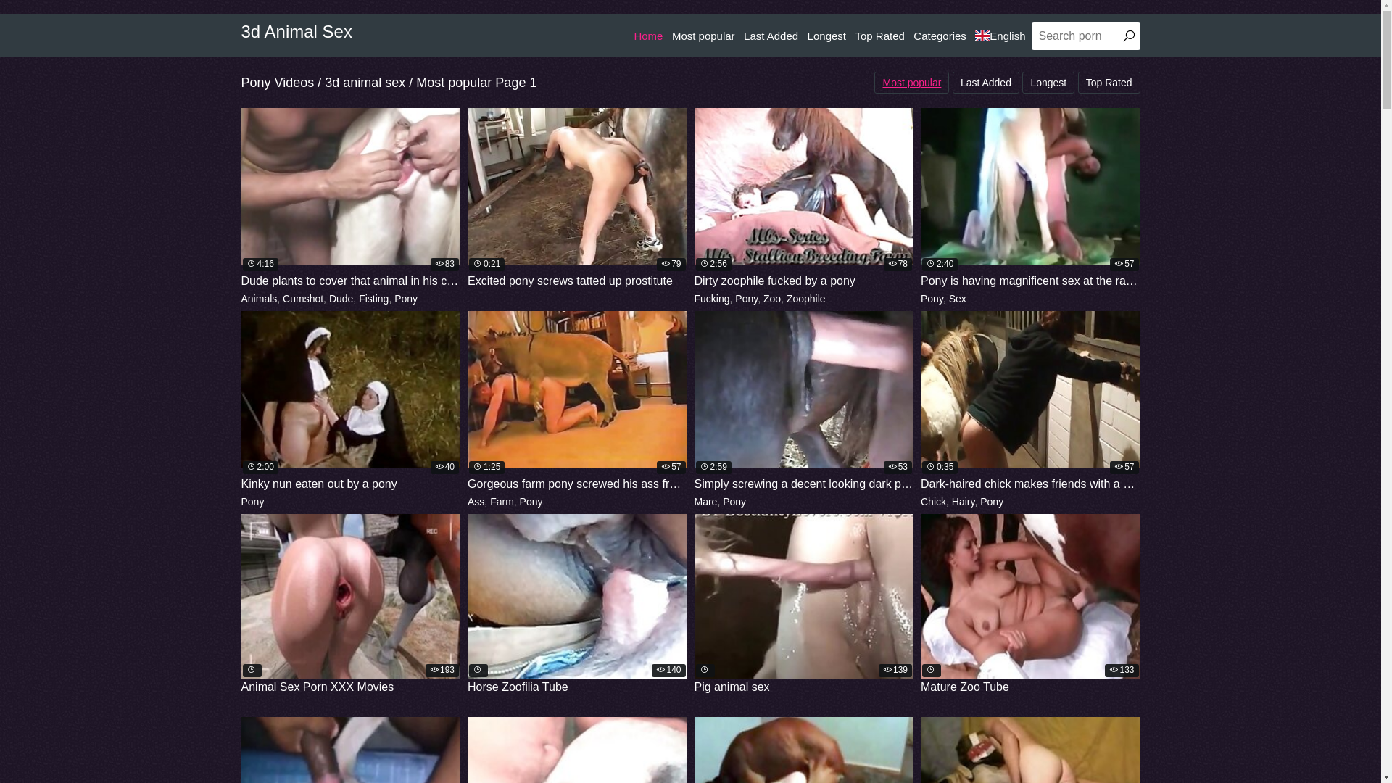  Describe the element at coordinates (358, 298) in the screenshot. I see `'Fisting'` at that location.